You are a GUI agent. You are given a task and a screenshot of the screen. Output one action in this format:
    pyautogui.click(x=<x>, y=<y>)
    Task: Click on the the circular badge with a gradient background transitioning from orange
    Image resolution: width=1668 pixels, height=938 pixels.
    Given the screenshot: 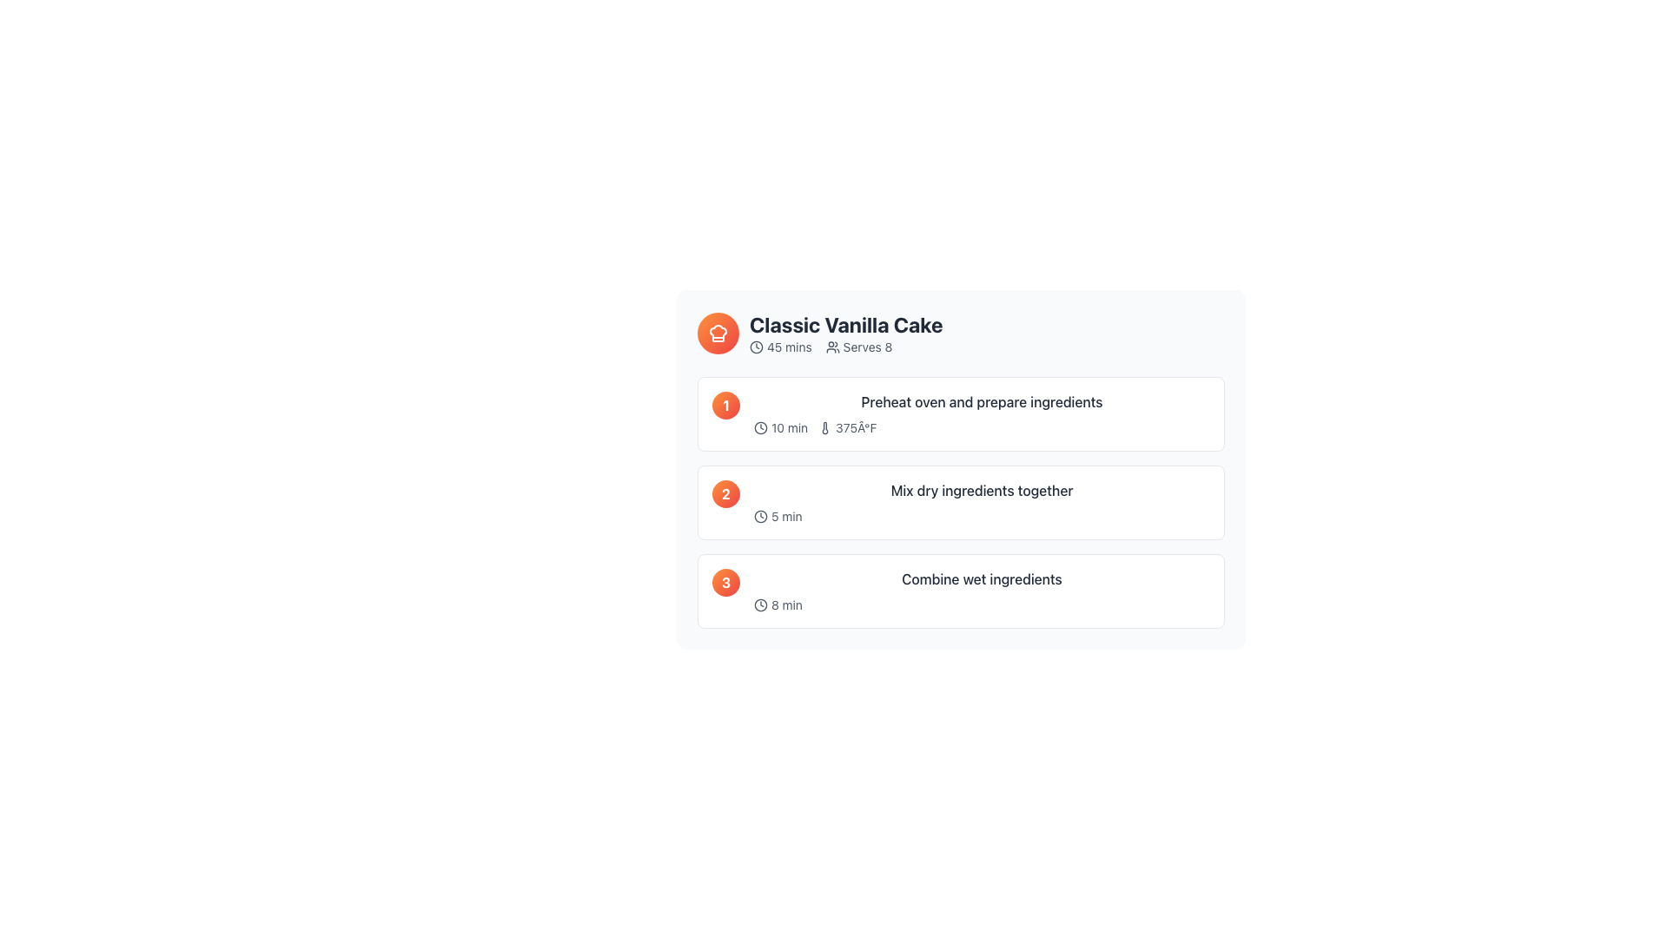 What is the action you would take?
    pyautogui.click(x=725, y=405)
    